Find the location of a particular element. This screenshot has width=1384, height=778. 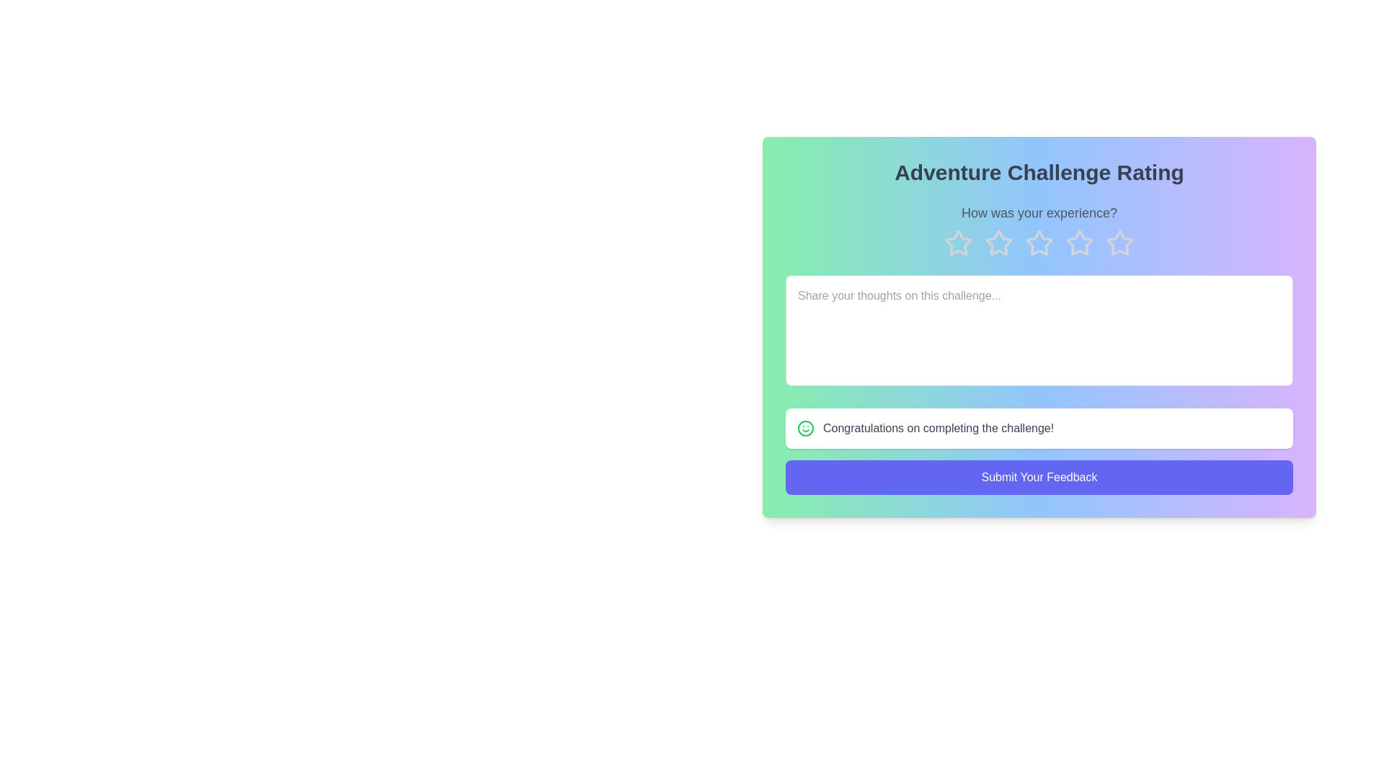

the third star-shaped rating icon with hollow styling and a grayish border located below the text 'How was your experience?' is located at coordinates (1079, 242).